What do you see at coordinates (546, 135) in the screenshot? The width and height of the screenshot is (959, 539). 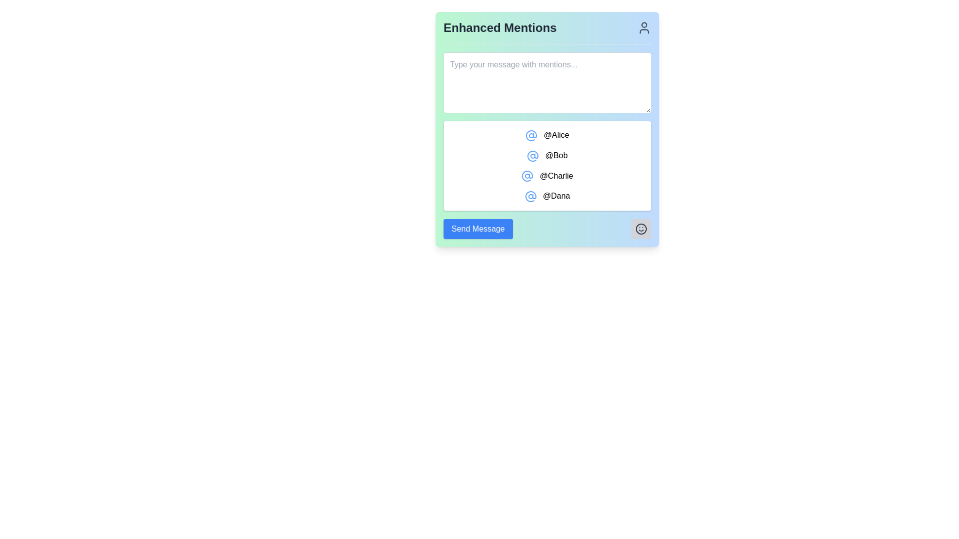 I see `the clickable mention '@Alice' in the 'Enhanced Mentions' panel` at bounding box center [546, 135].